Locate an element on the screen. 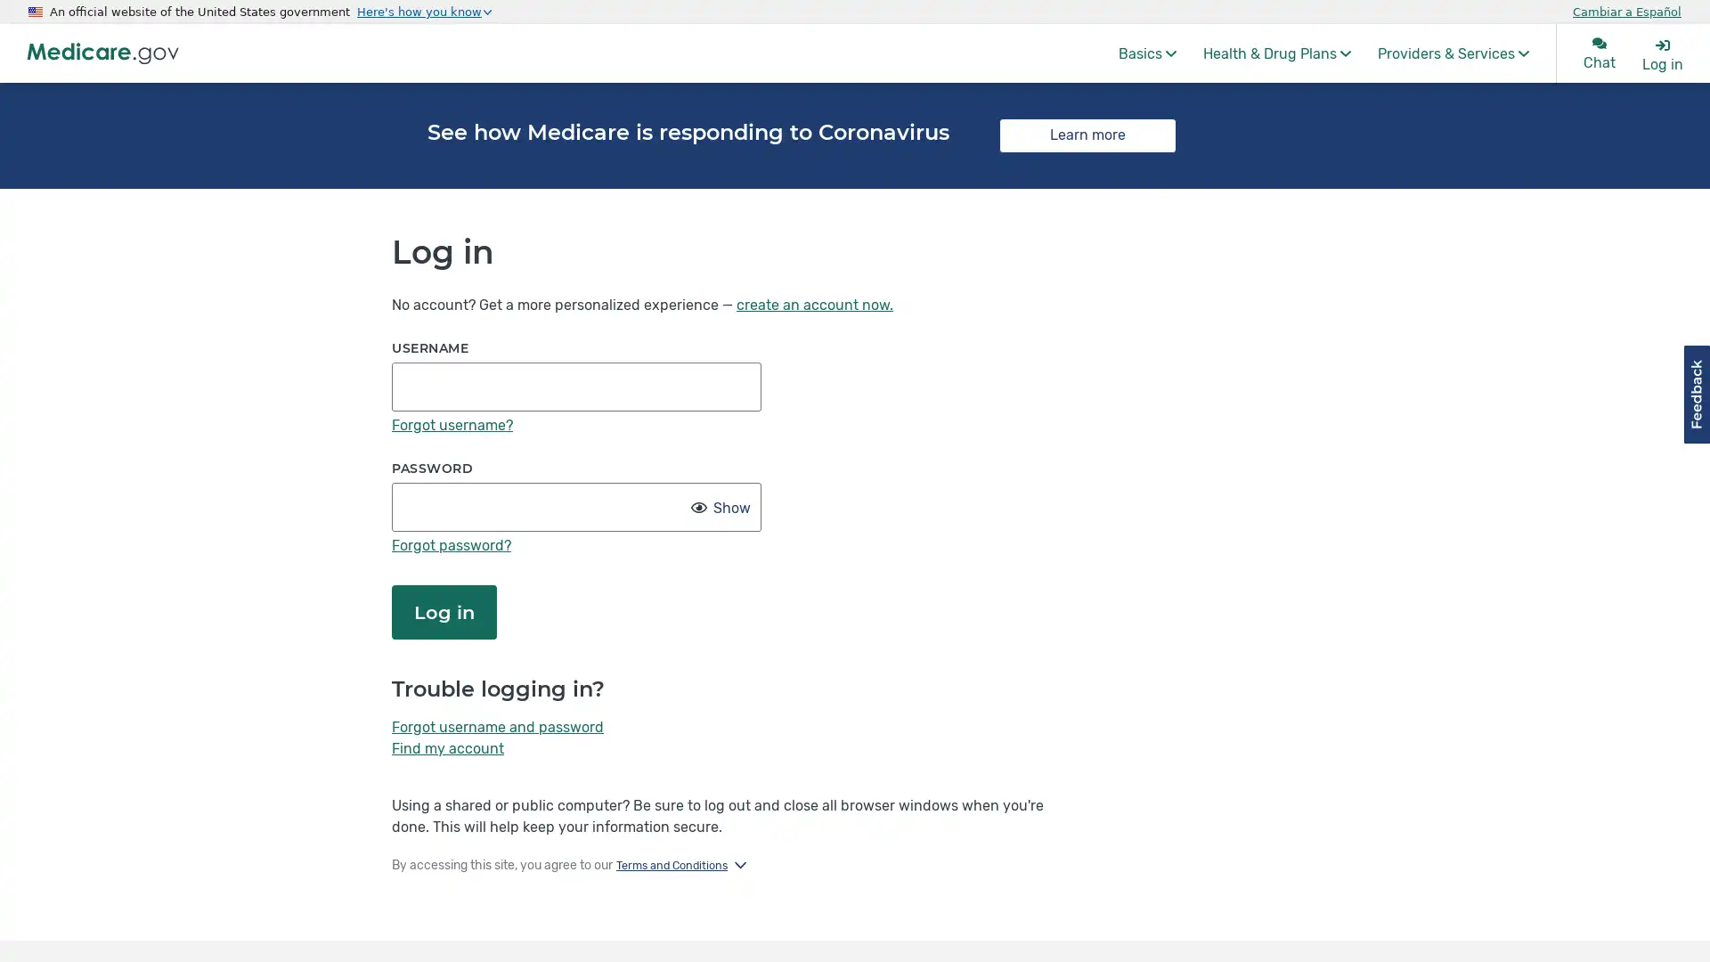 Image resolution: width=1710 pixels, height=962 pixels. Learn more This link opens a new window or tab. is located at coordinates (1087, 134).